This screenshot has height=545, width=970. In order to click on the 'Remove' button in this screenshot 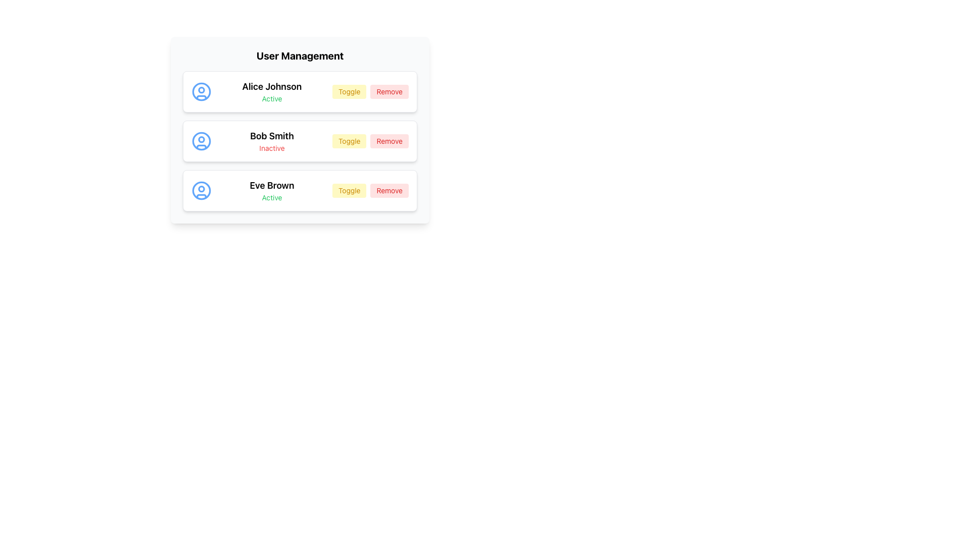, I will do `click(389, 191)`.